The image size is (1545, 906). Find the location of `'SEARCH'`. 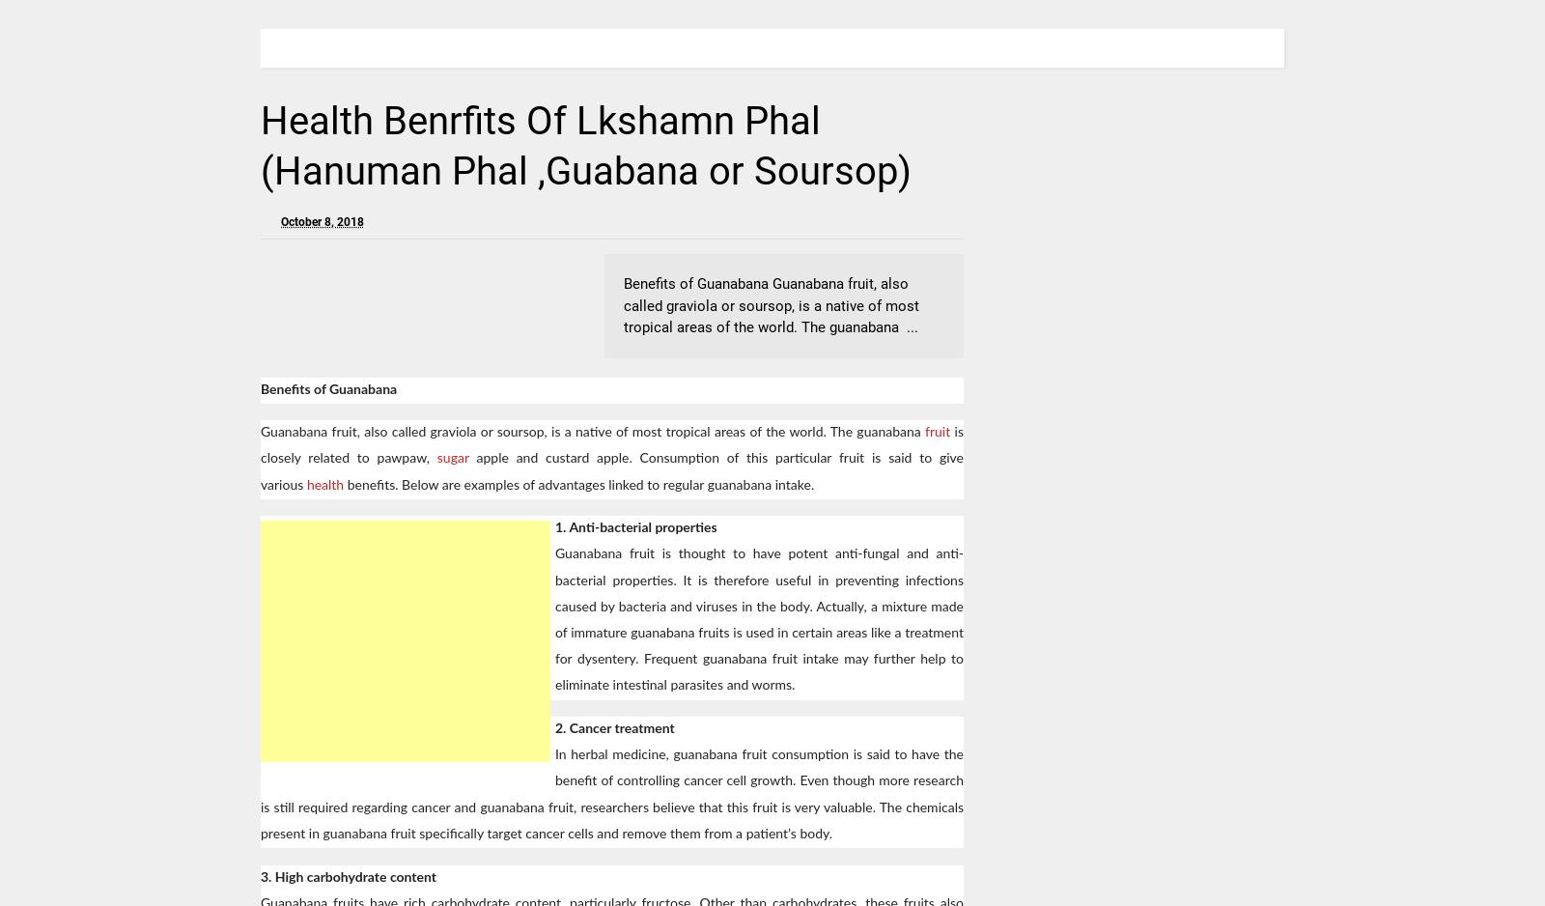

'SEARCH' is located at coordinates (1245, 46).